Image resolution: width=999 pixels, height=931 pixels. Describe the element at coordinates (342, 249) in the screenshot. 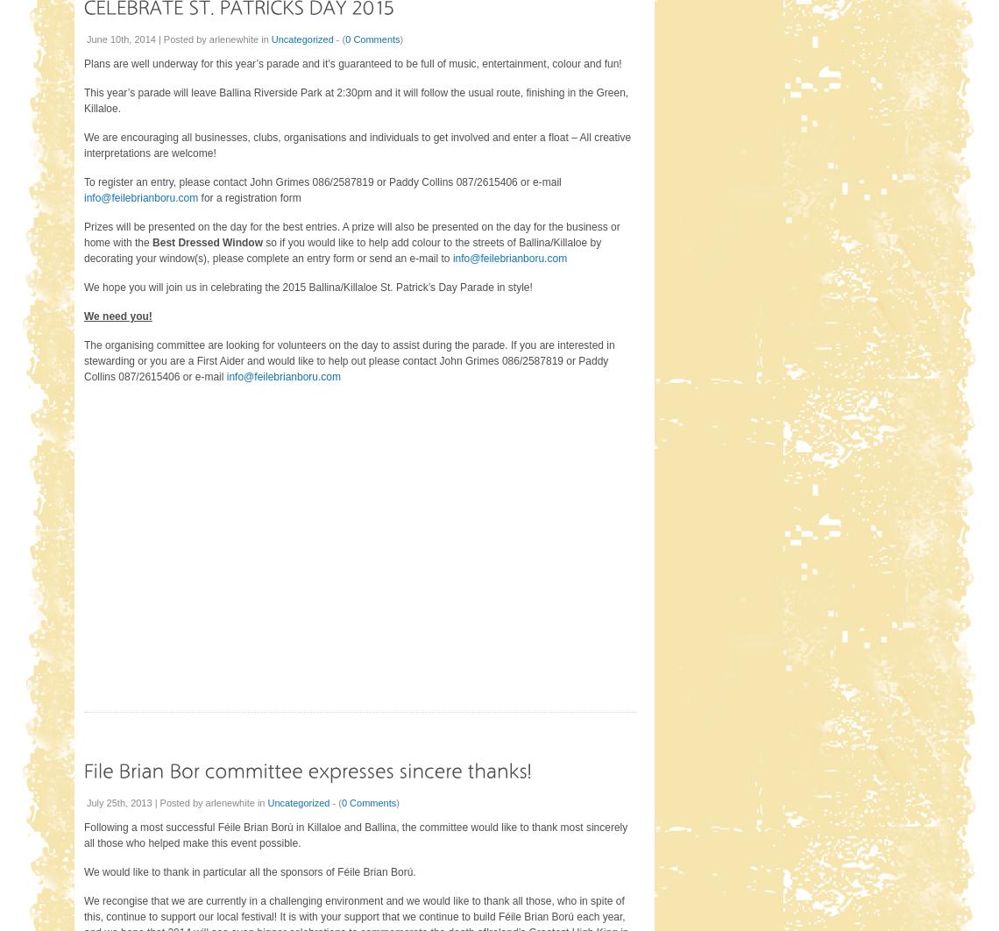

I see `'so if you would like to help add colour to the streets of Ballina/Killaloe by decorating your window(s), please complete an entry form or send an e-mail to'` at that location.